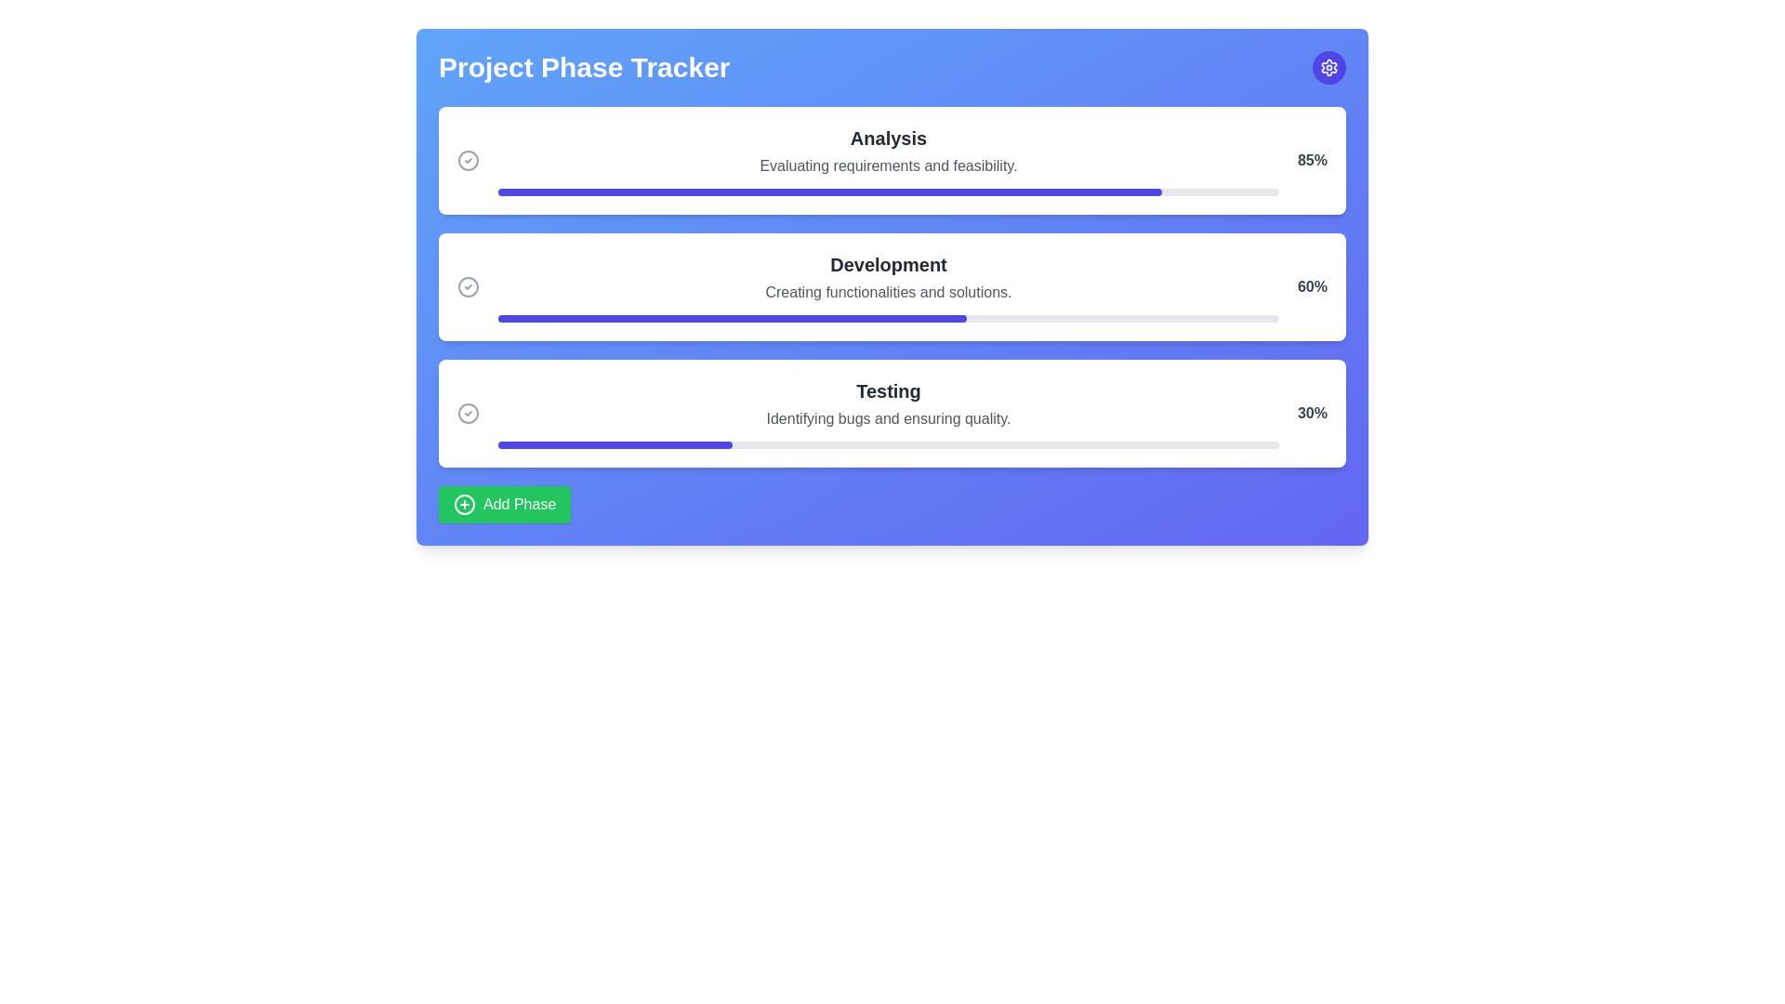  What do you see at coordinates (887, 318) in the screenshot?
I see `the Progress bar indicating 60% completion, located below the text 'Creating functionalities and solutions.' in the 'Development' section` at bounding box center [887, 318].